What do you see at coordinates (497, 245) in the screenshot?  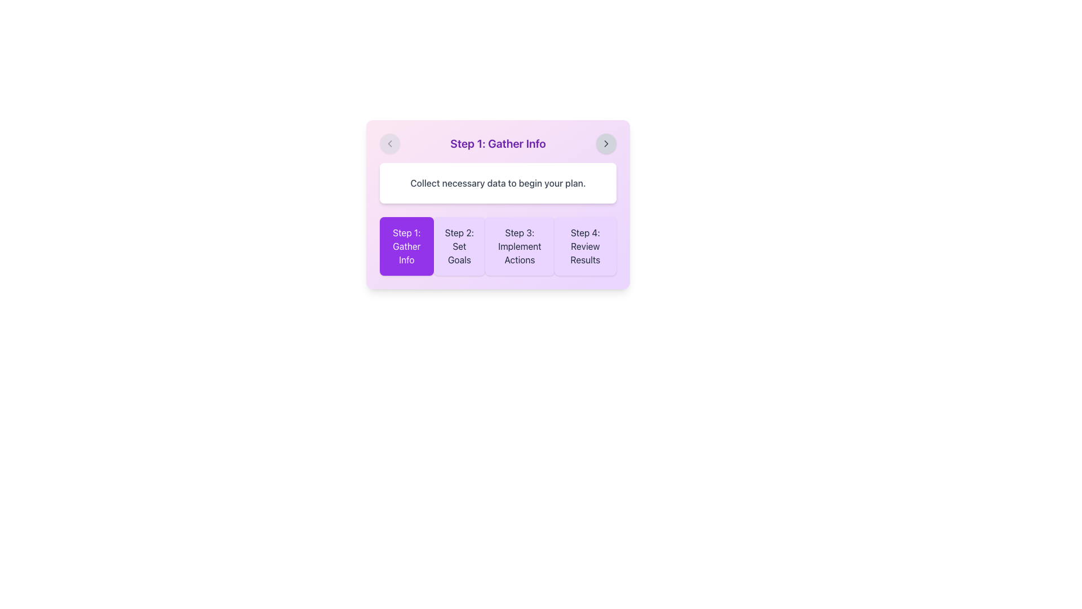 I see `the 'Step 3: Implement Actions' button, which is the third button in a horizontal sequence within a purple-bordered area below a white text section` at bounding box center [497, 245].